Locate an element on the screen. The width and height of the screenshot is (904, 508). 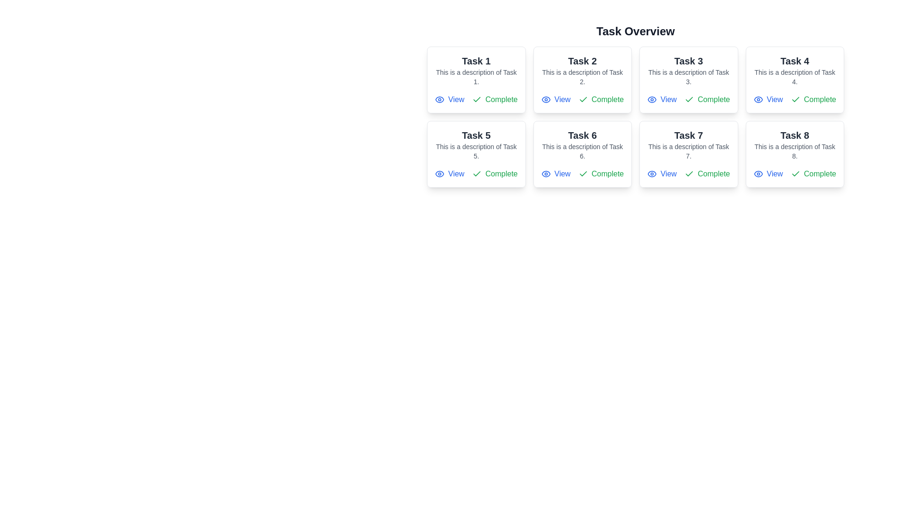
the descriptive label providing information about 'Task 2,' which is positioned beneath the title 'Task 2' and above the 'View' and 'Complete' buttons is located at coordinates (582, 77).